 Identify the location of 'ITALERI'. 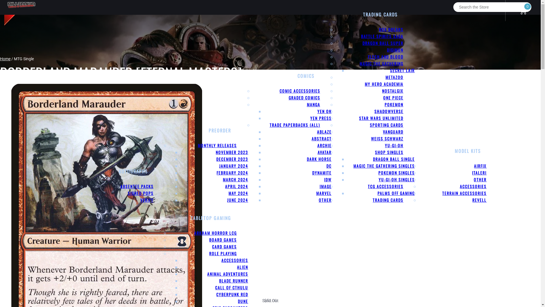
(472, 172).